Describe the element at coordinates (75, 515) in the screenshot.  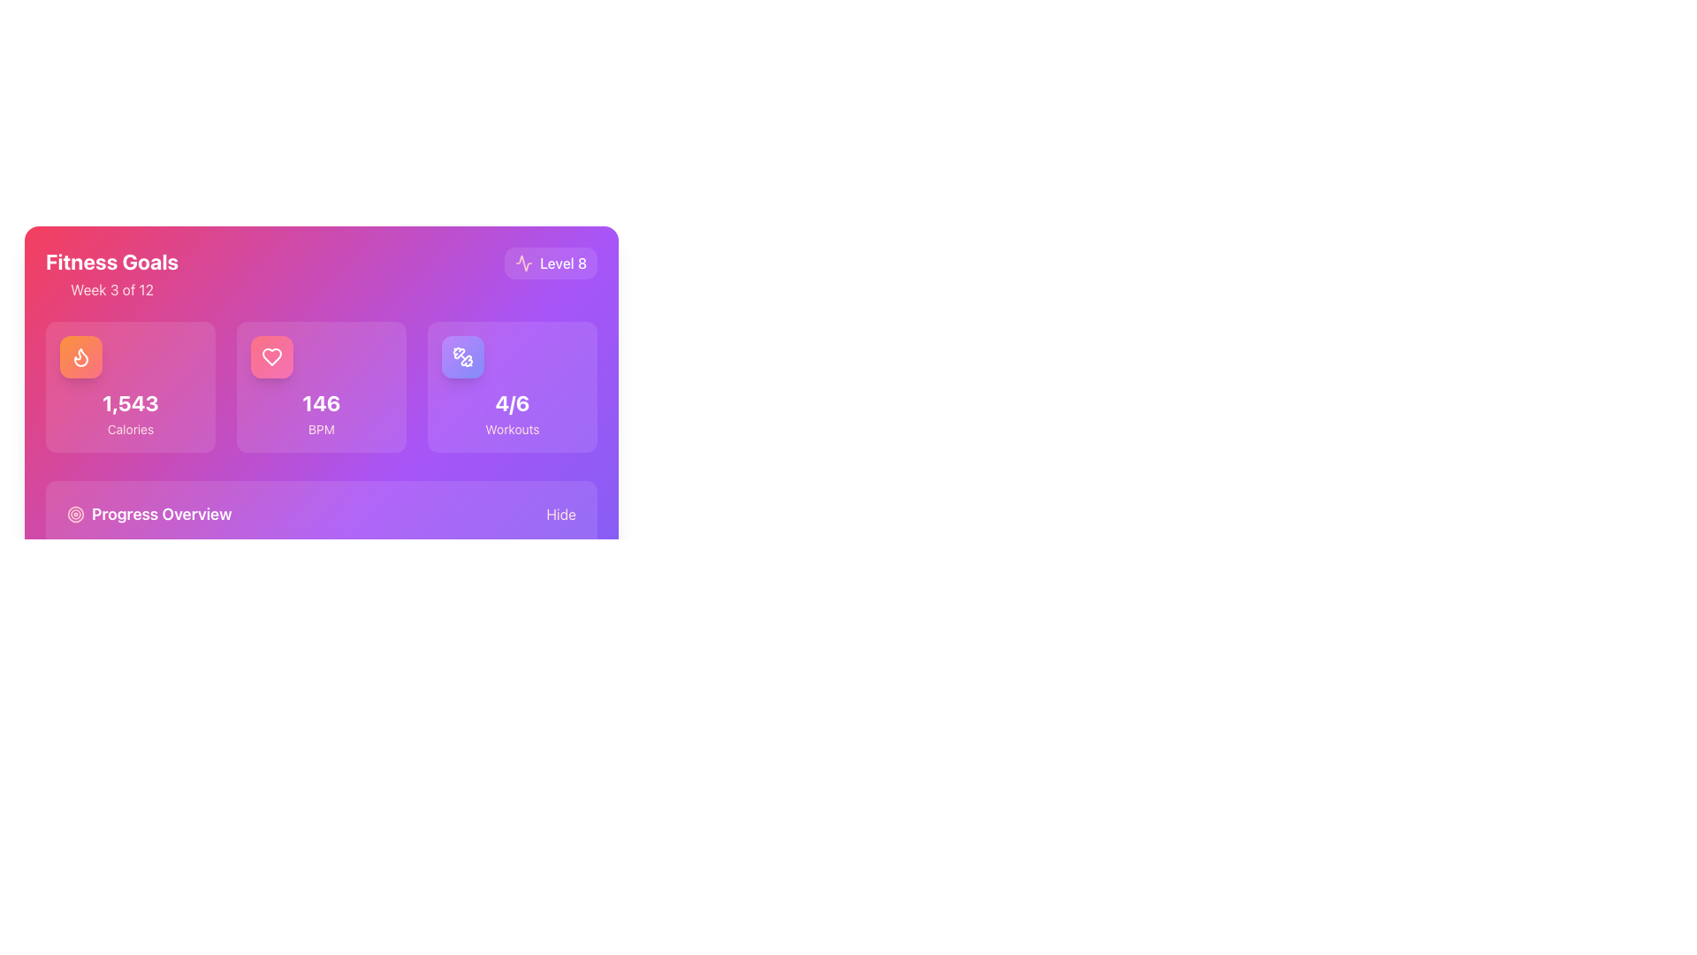
I see `the circular icon, which is the outermost circle of a target icon located in the bottom left area of the main card layout, adjacent to the 'Progress Overview' text label` at that location.